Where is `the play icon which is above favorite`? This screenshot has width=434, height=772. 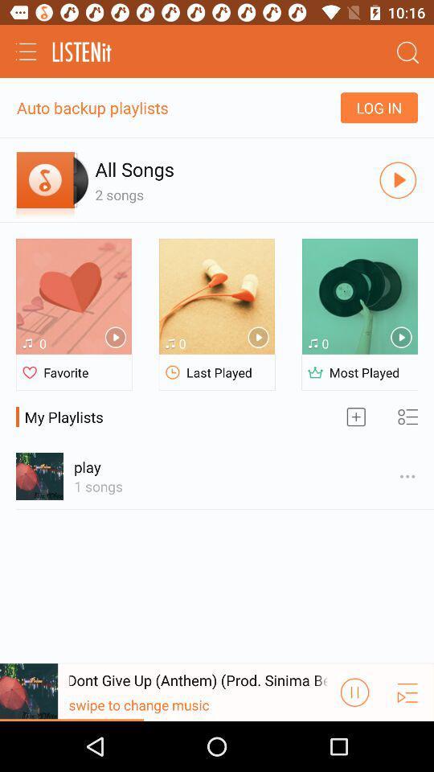
the play icon which is above favorite is located at coordinates (115, 337).